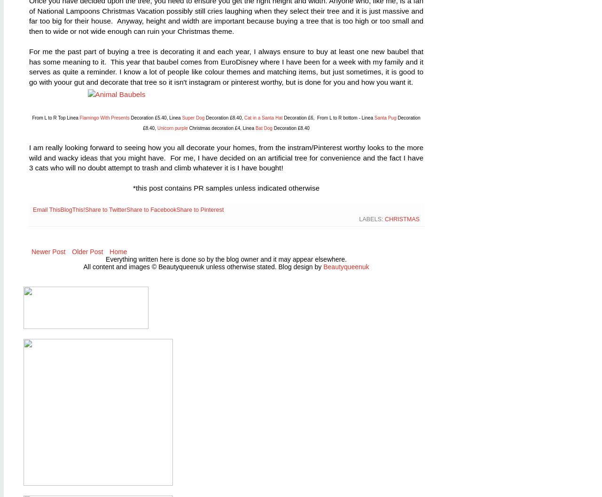 Image resolution: width=602 pixels, height=497 pixels. I want to click on 'Cat in a Santa Hat', so click(263, 117).